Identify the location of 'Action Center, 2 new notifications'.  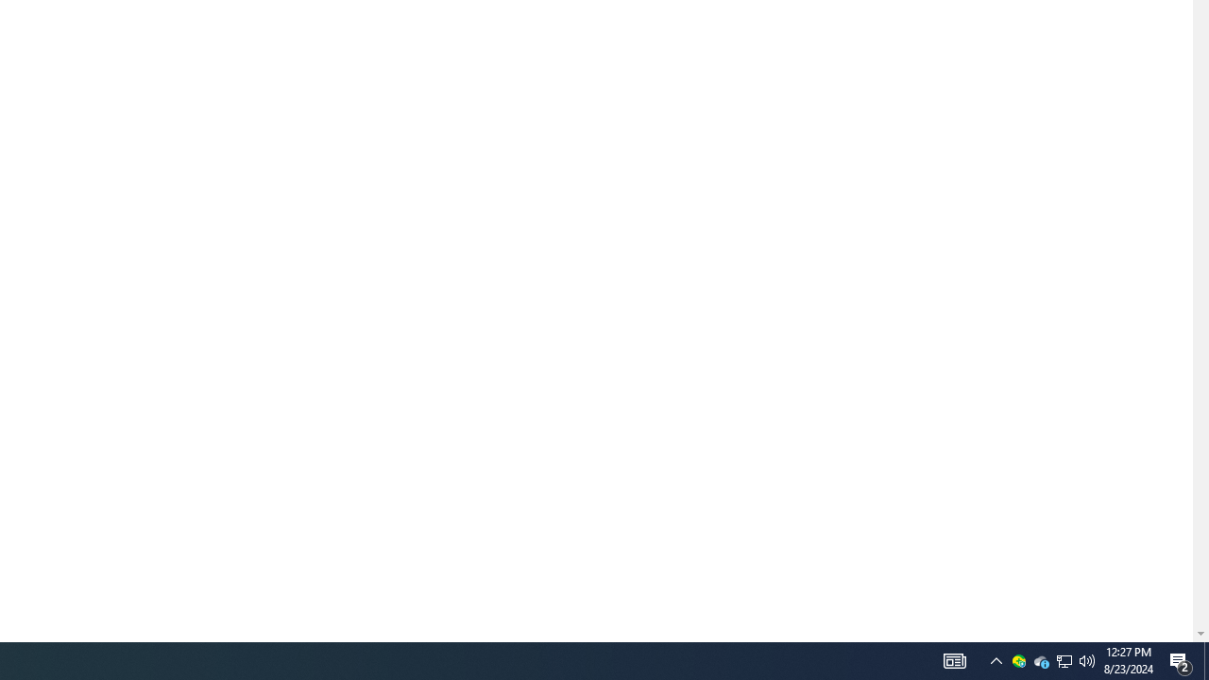
(1181, 659).